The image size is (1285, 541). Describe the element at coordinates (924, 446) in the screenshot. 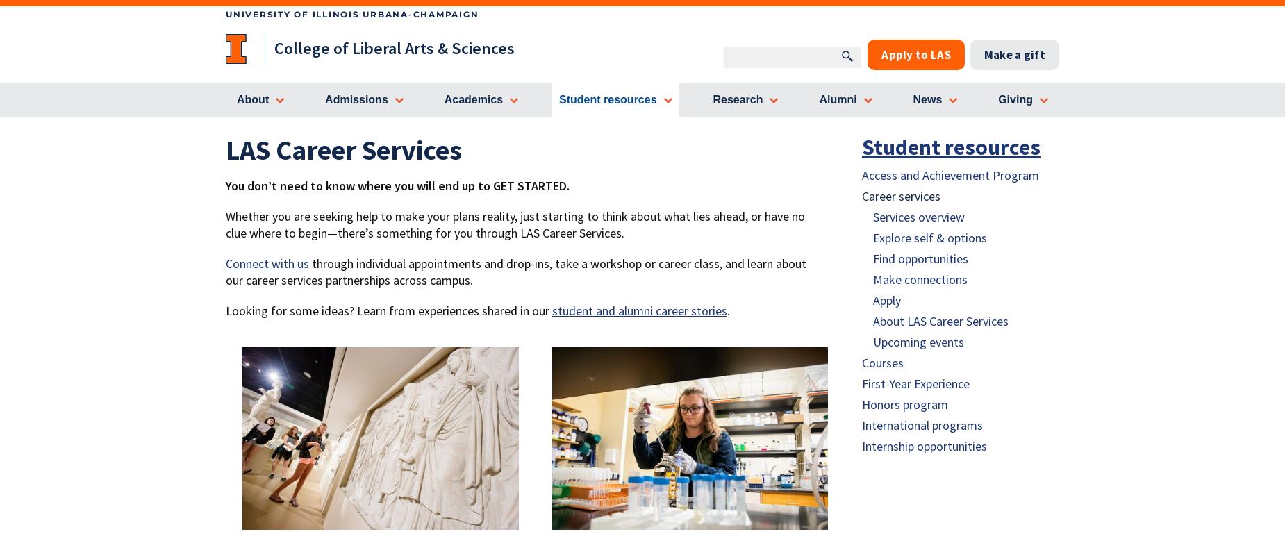

I see `'Internship opportunities'` at that location.